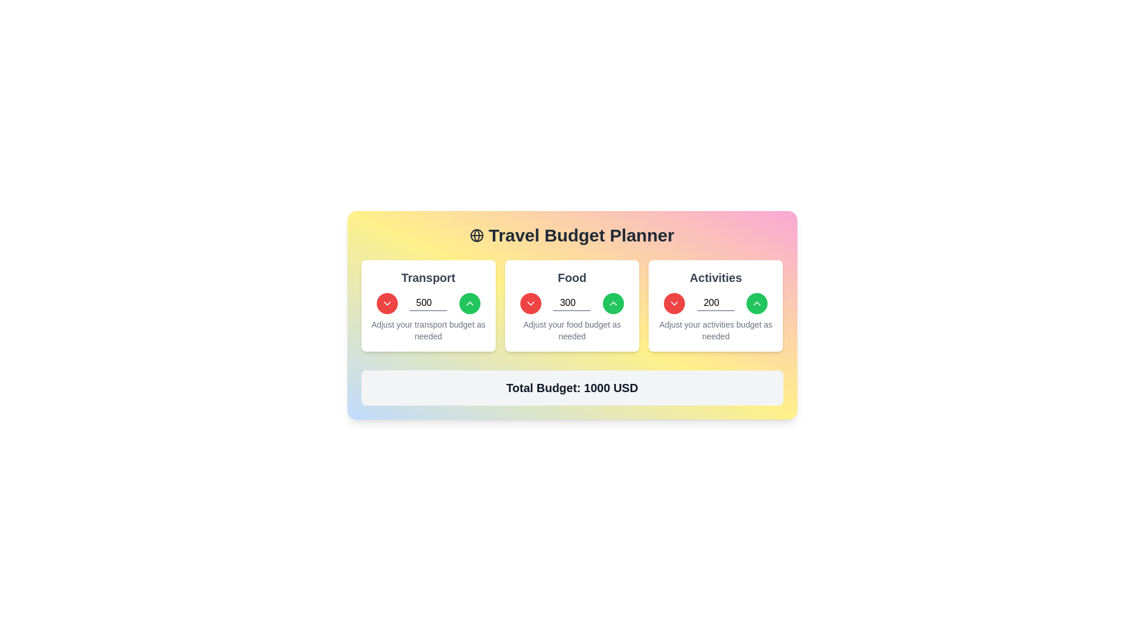  I want to click on the Text Label providing a descriptive hint for the 'Activities' budget adjustment module, located at the bottom of the 'Activities' card, directly below the numerical input field, so click(715, 330).